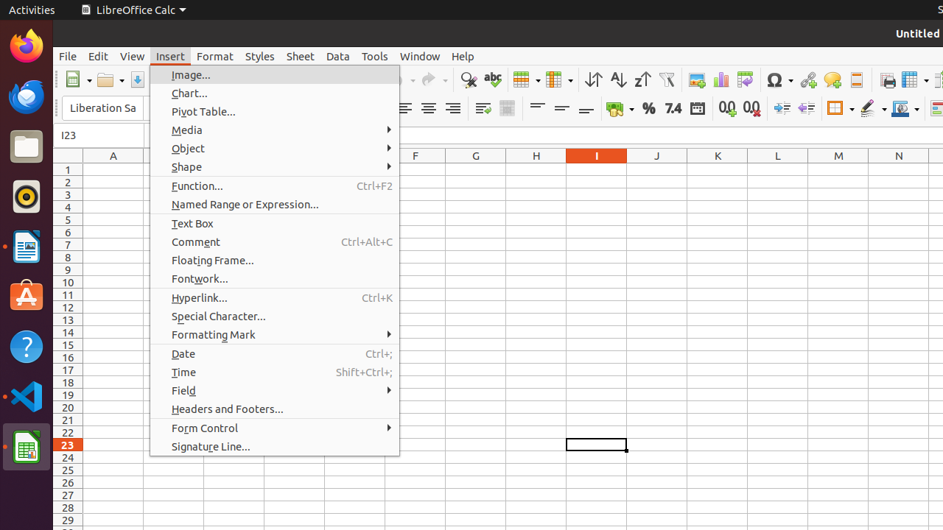  Describe the element at coordinates (132, 55) in the screenshot. I see `'View'` at that location.